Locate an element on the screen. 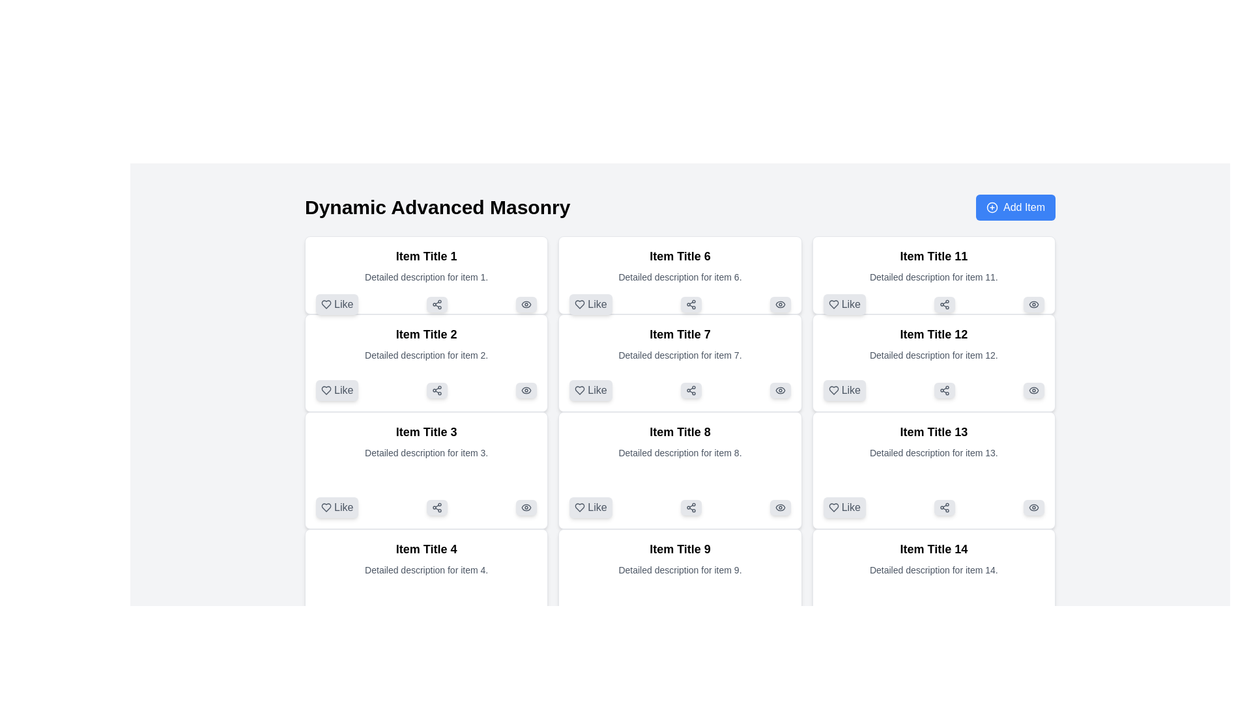 Image resolution: width=1251 pixels, height=703 pixels. the text label displaying 'Item Title 12', which is styled in bold and larger font size, located in the third column of the grid layout is located at coordinates (933, 333).